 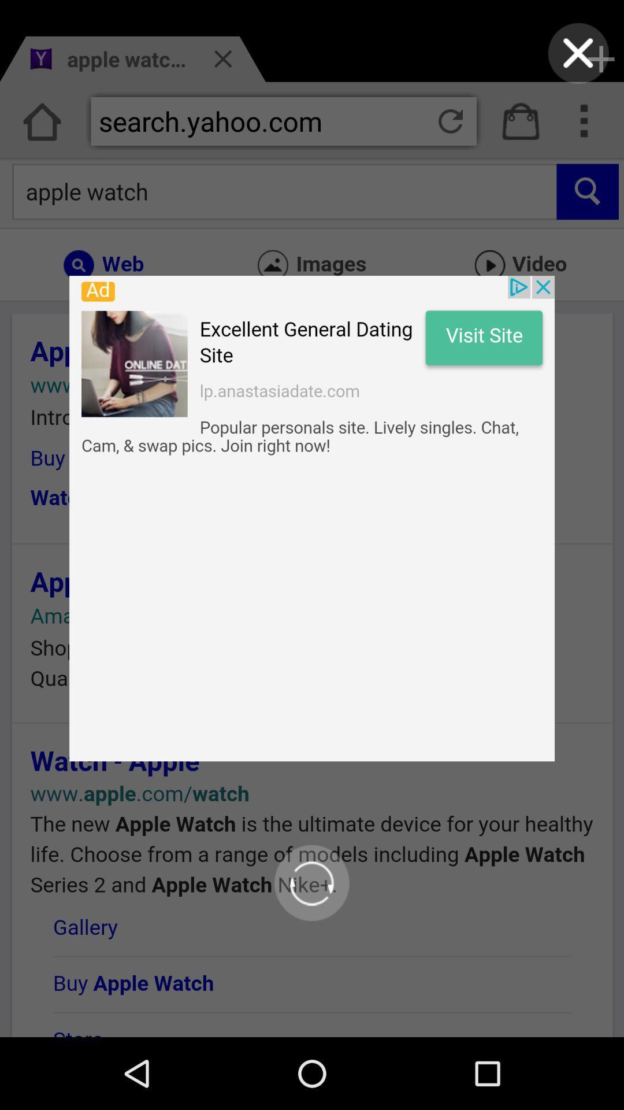 What do you see at coordinates (311, 882) in the screenshot?
I see `refreshes page` at bounding box center [311, 882].